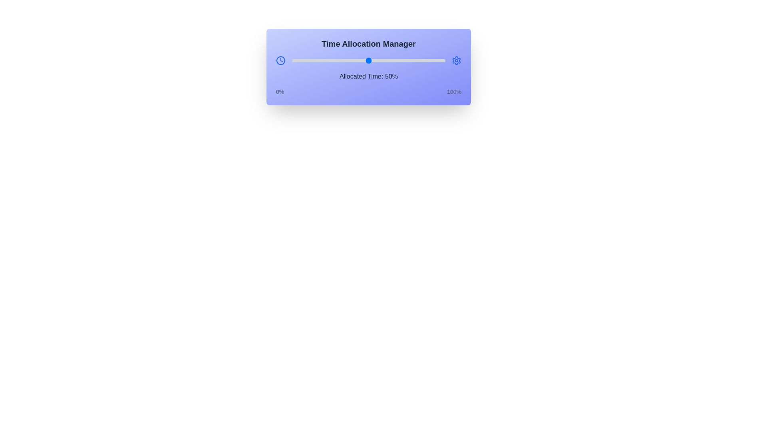 This screenshot has width=767, height=431. Describe the element at coordinates (422, 60) in the screenshot. I see `the slider to set the allocated time to 85%` at that location.